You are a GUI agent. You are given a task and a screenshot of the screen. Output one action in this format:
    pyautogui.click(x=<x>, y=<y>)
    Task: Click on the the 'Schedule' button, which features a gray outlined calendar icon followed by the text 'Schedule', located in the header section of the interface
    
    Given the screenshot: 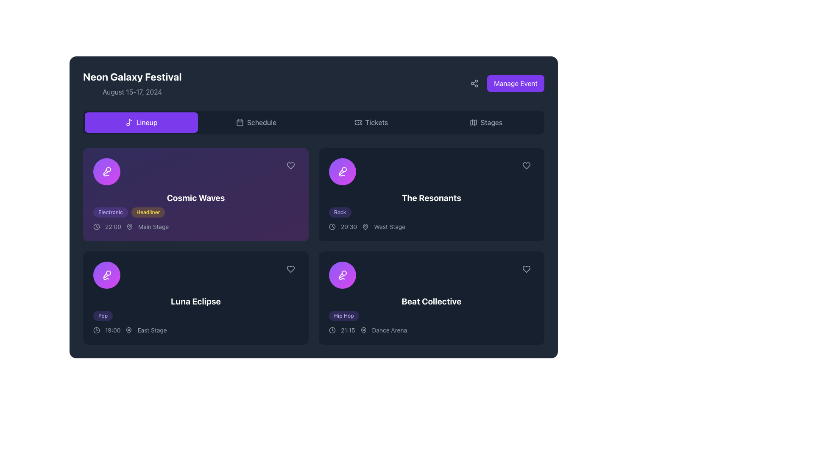 What is the action you would take?
    pyautogui.click(x=256, y=123)
    